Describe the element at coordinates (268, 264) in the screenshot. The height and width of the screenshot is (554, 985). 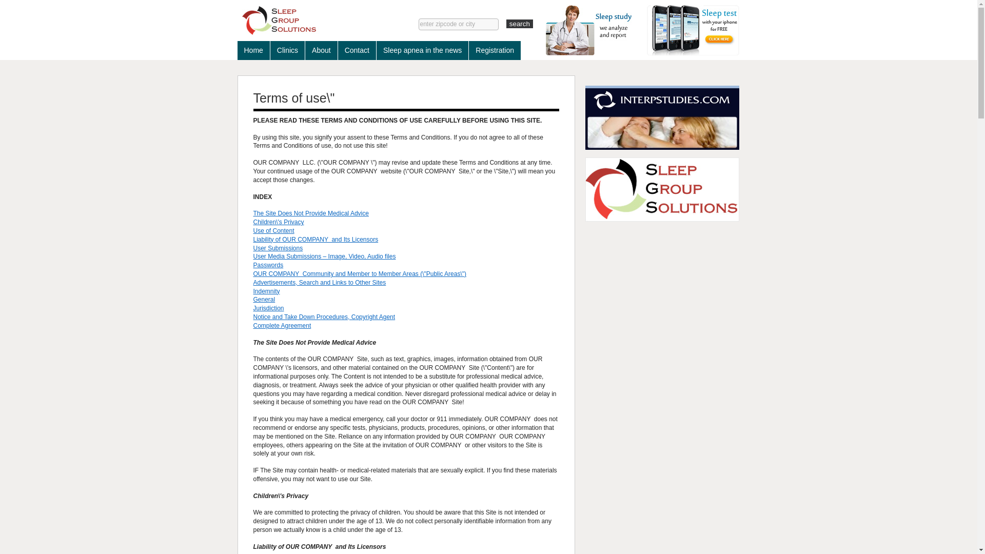
I see `'Passwords'` at that location.